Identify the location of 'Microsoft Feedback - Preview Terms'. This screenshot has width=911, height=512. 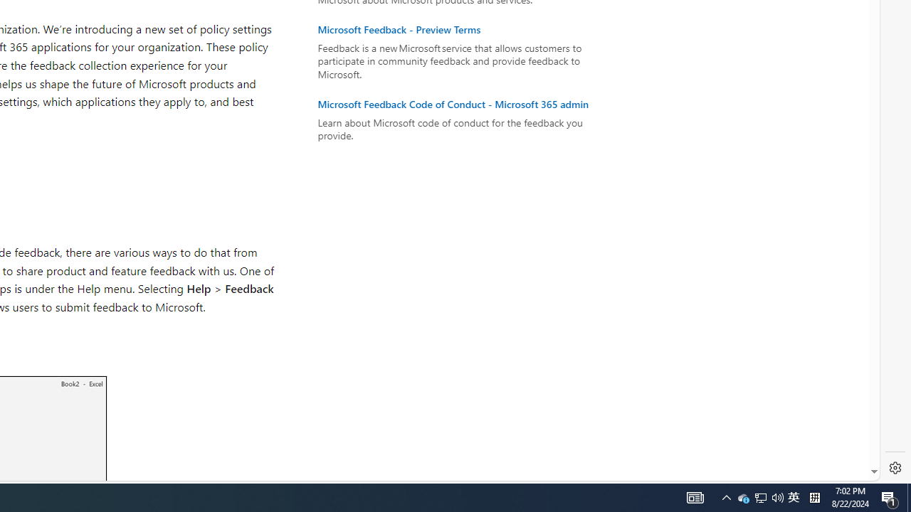
(460, 30).